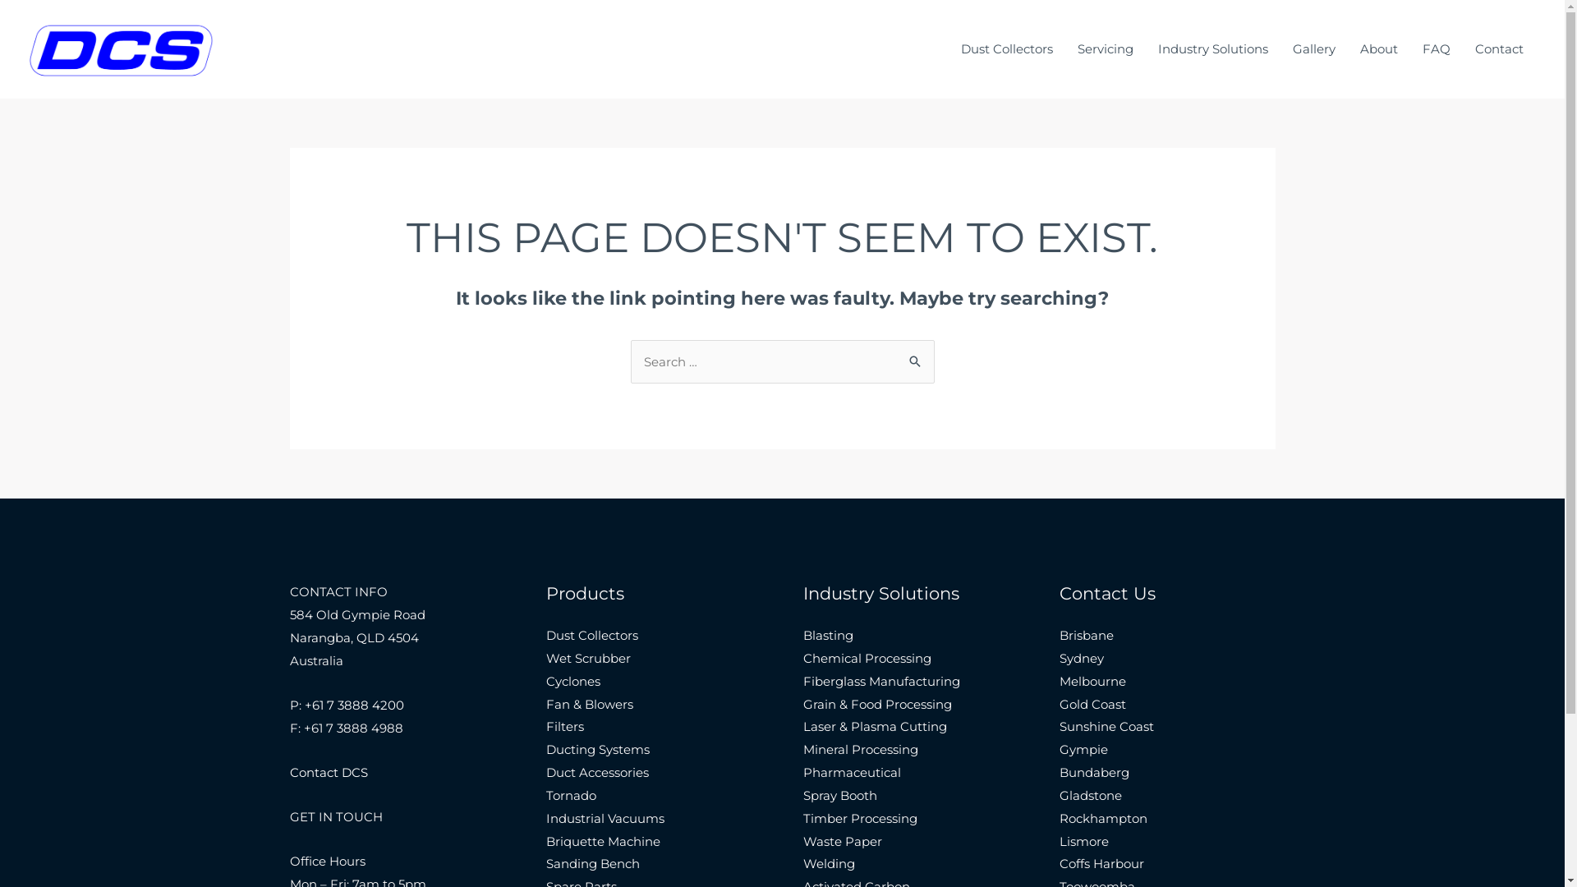 Image resolution: width=1577 pixels, height=887 pixels. I want to click on 'Melbourne', so click(1060, 681).